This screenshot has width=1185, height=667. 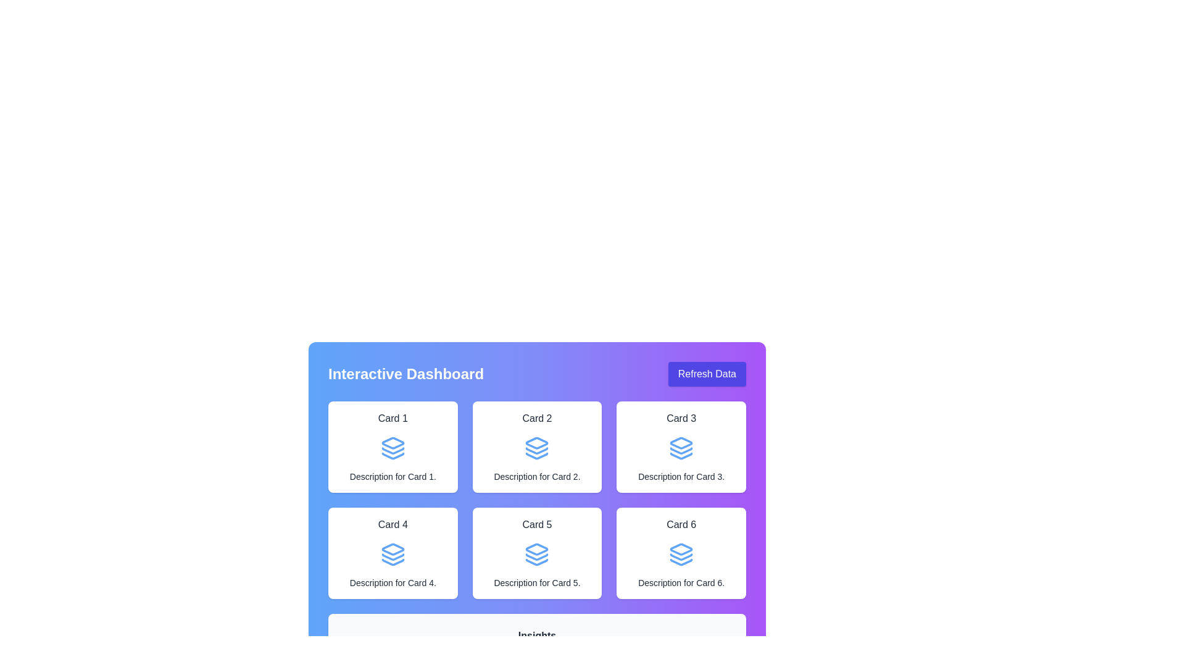 I want to click on text content of the 'Card 4' label, which is centrally aligned at the top of the fourth card in a grid layout, so click(x=392, y=524).